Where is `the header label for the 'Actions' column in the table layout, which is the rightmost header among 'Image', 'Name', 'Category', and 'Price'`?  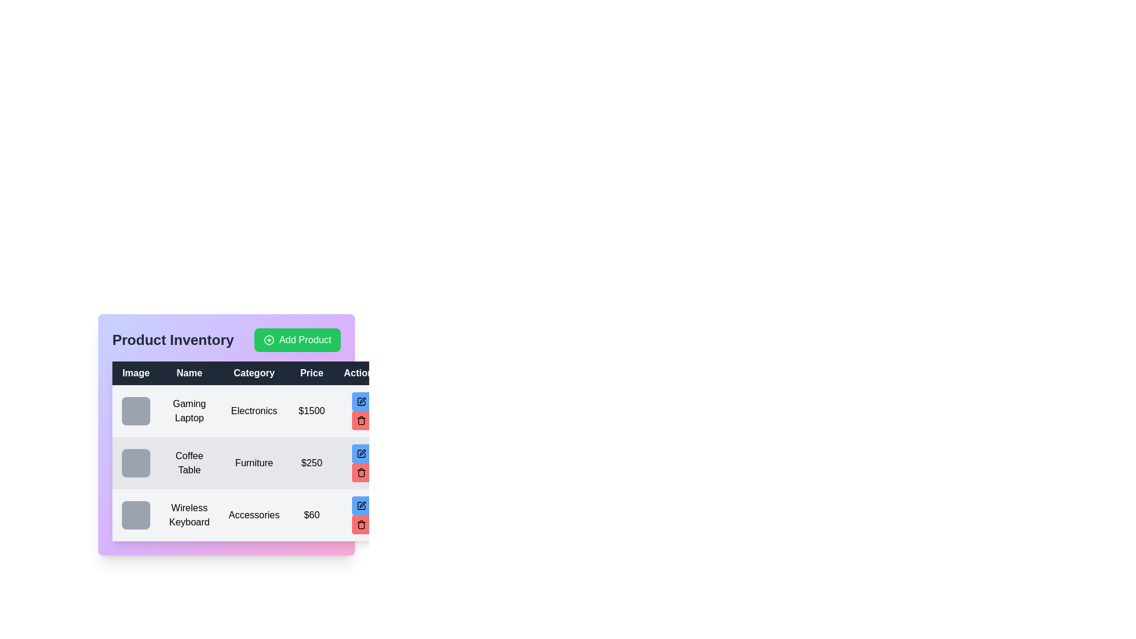 the header label for the 'Actions' column in the table layout, which is the rightmost header among 'Image', 'Name', 'Category', and 'Price' is located at coordinates (360, 373).